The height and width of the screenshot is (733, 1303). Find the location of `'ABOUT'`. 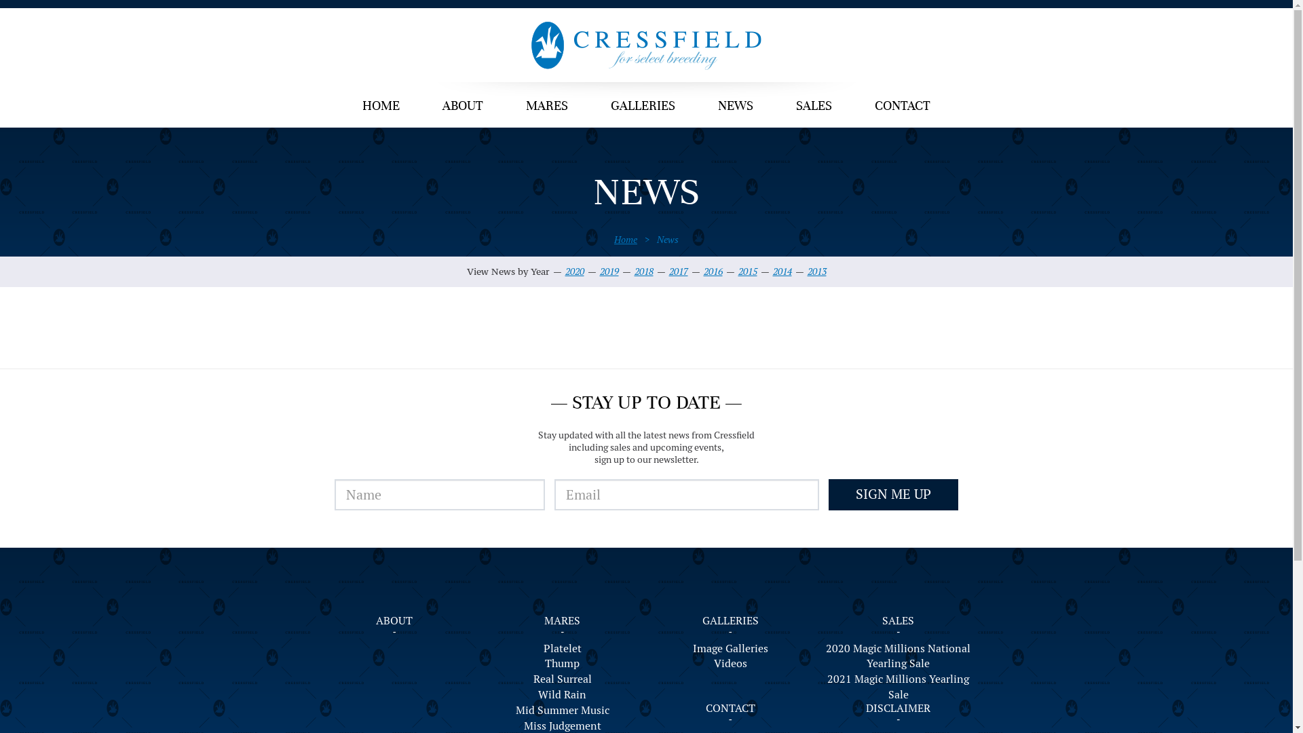

'ABOUT' is located at coordinates (462, 107).